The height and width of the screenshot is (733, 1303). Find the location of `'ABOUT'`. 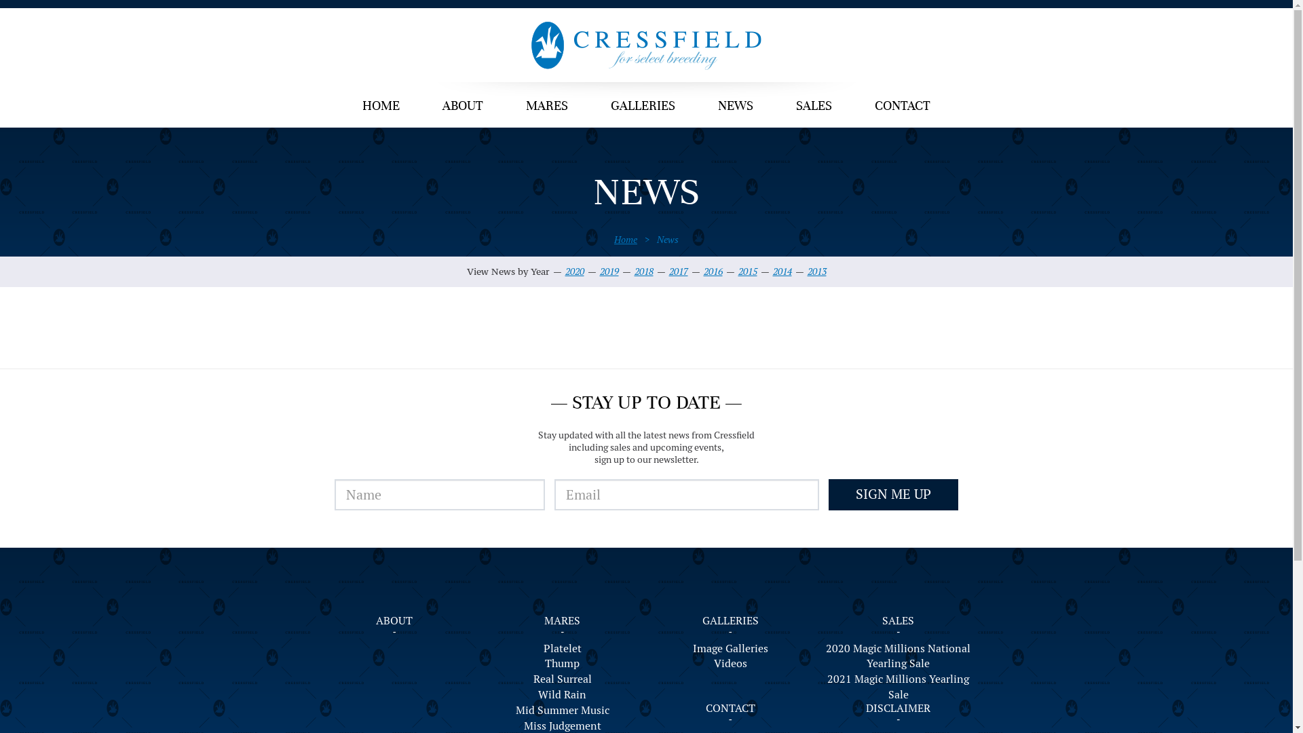

'ABOUT' is located at coordinates (462, 107).